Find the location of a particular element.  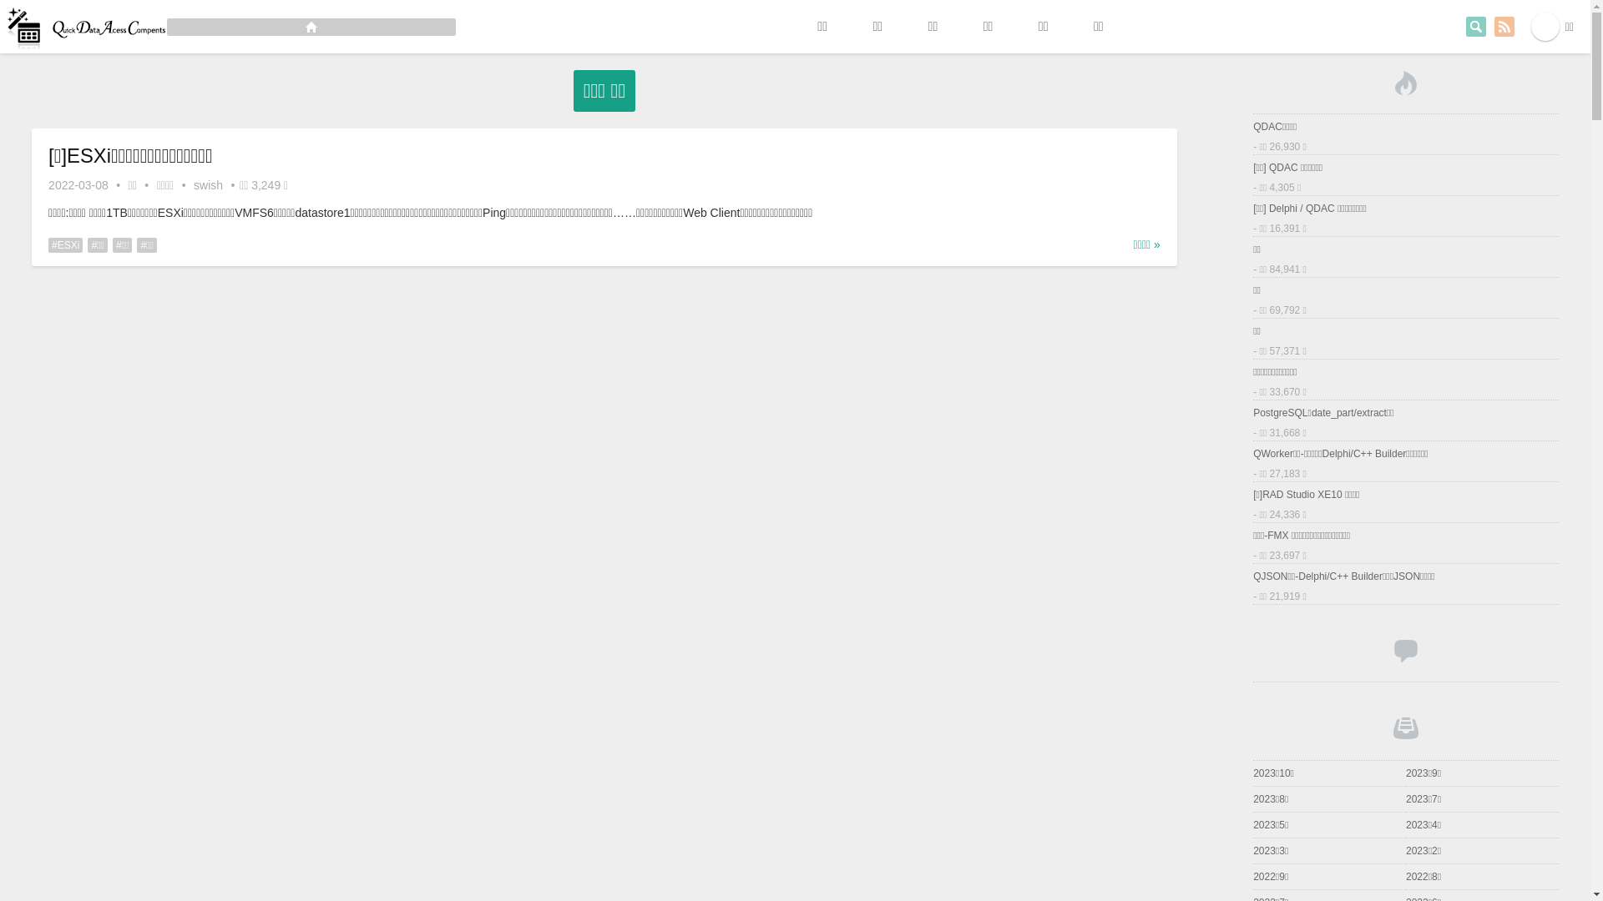

'2022-03-08' is located at coordinates (78, 185).